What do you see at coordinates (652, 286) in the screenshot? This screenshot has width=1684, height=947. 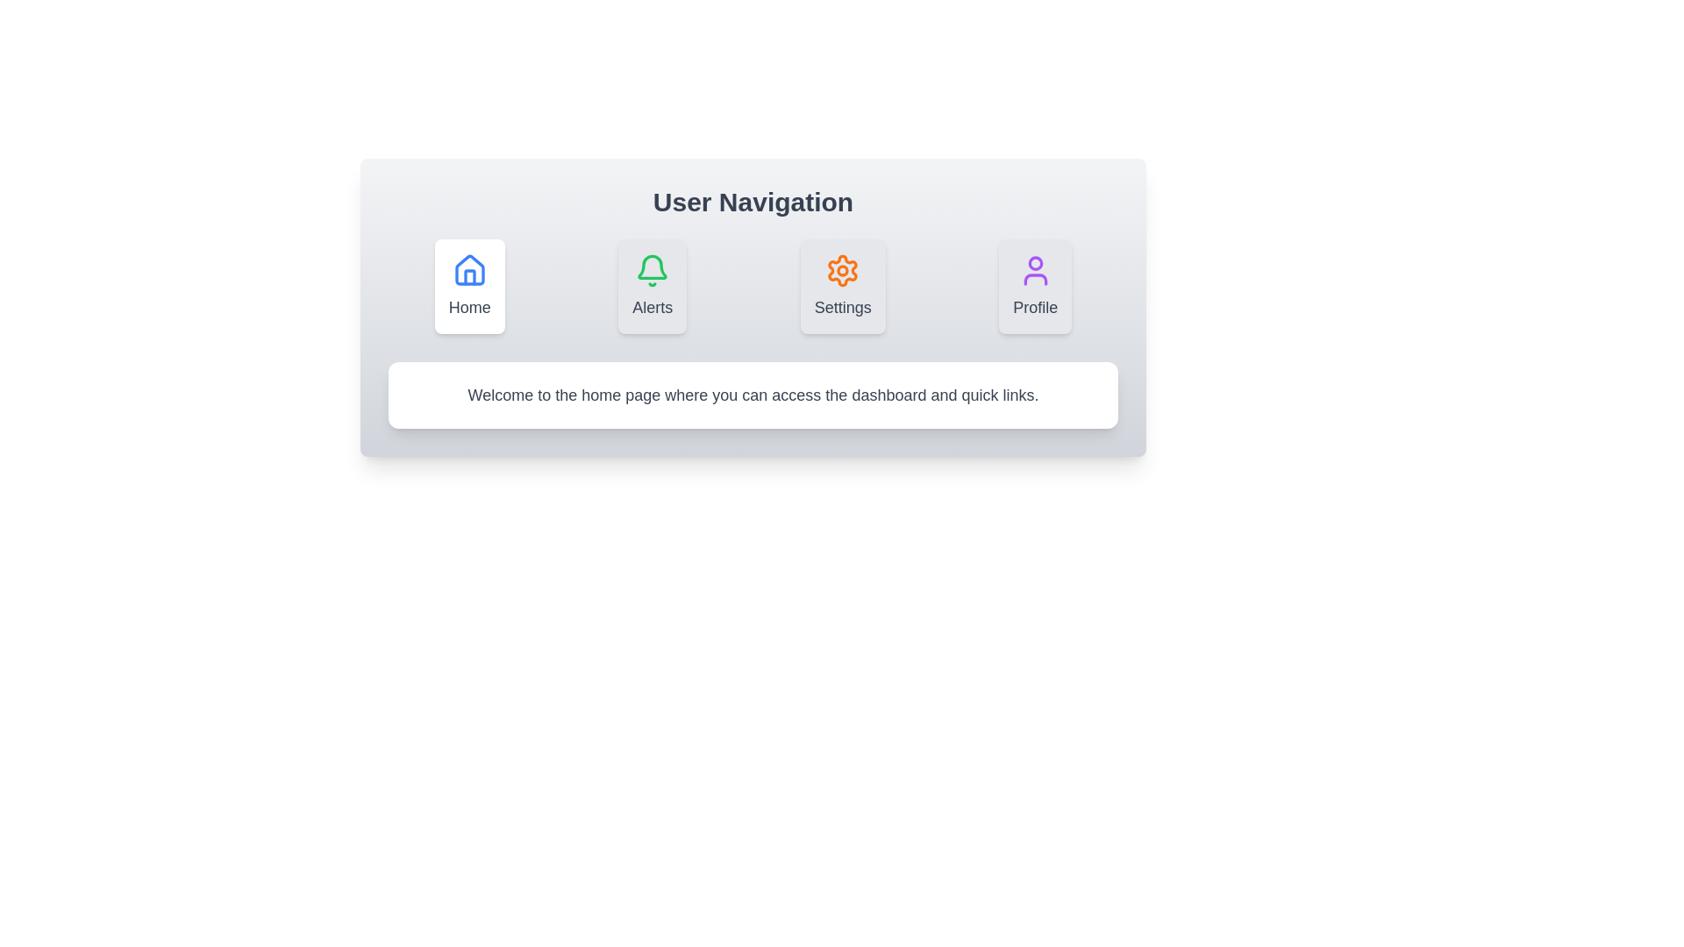 I see `the tab labeled Alerts` at bounding box center [652, 286].